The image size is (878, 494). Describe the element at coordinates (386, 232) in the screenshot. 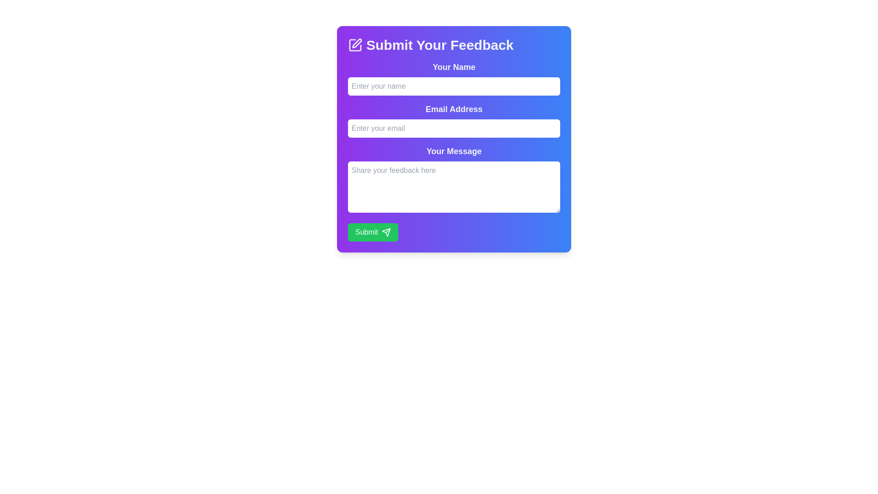

I see `the send action icon located within the green 'Submit' button at the bottom-left corner of the feedback form interface` at that location.